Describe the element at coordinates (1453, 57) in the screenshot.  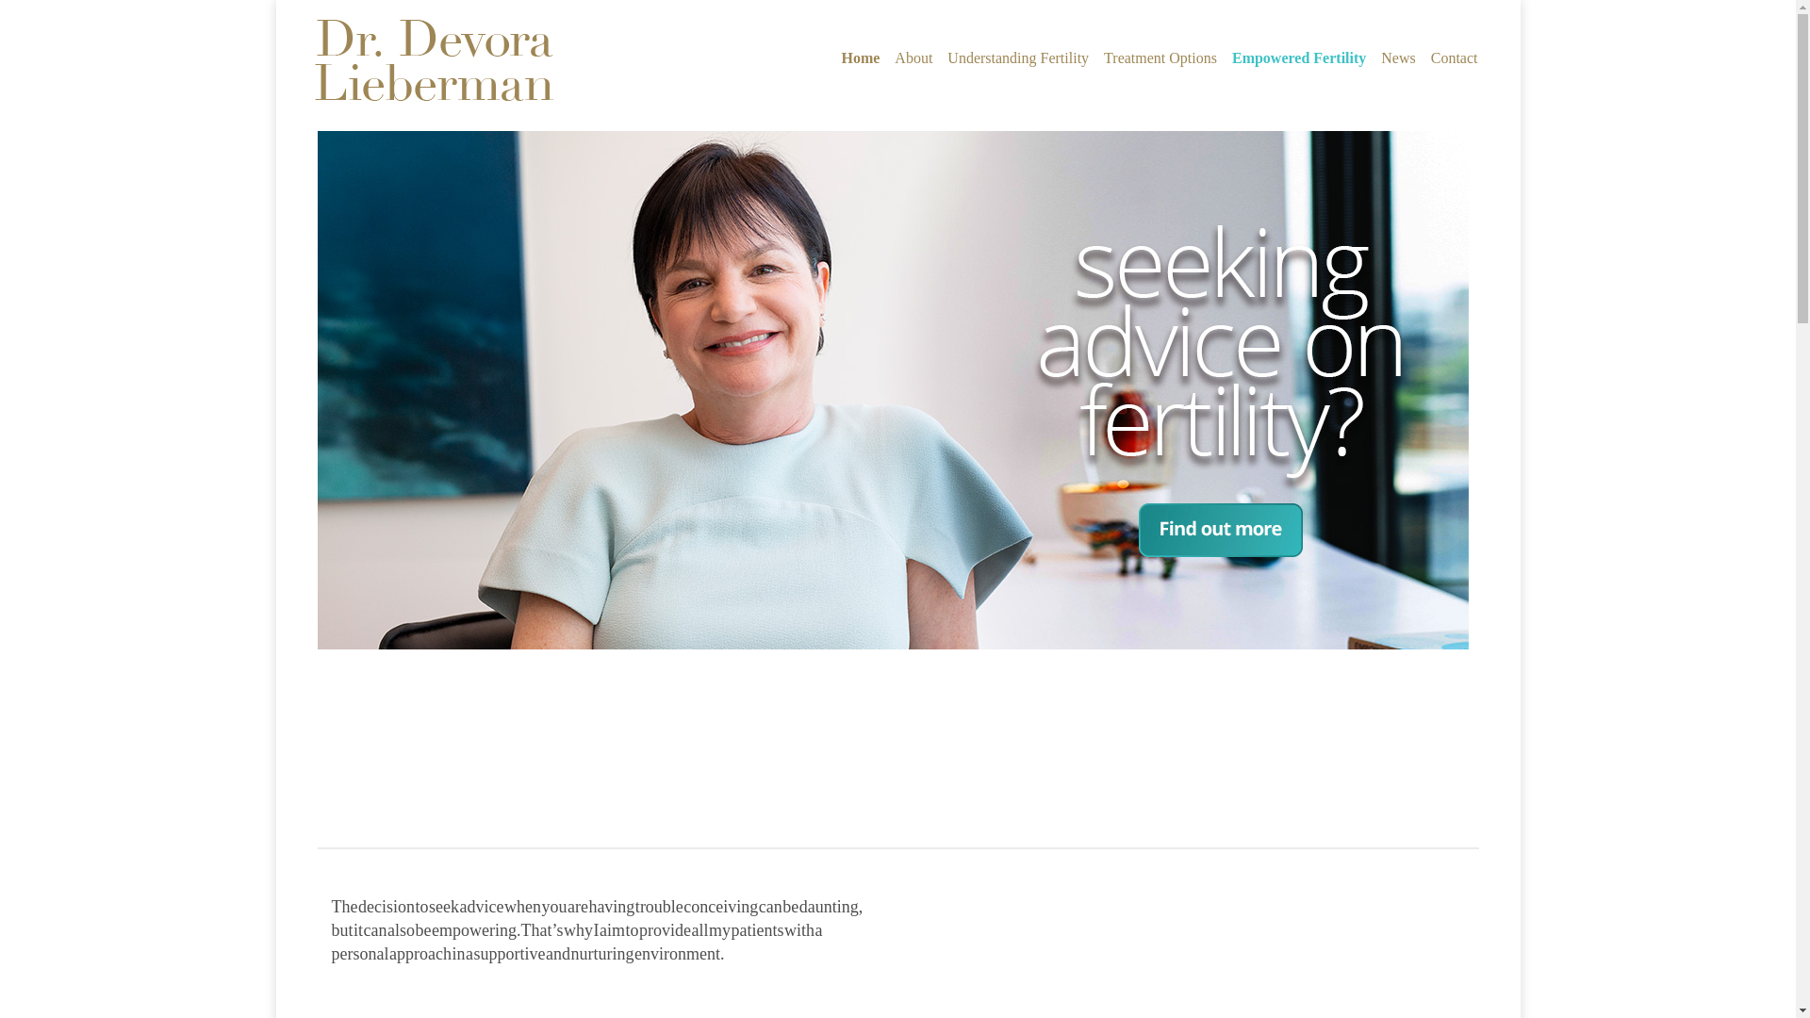
I see `'Contact'` at that location.